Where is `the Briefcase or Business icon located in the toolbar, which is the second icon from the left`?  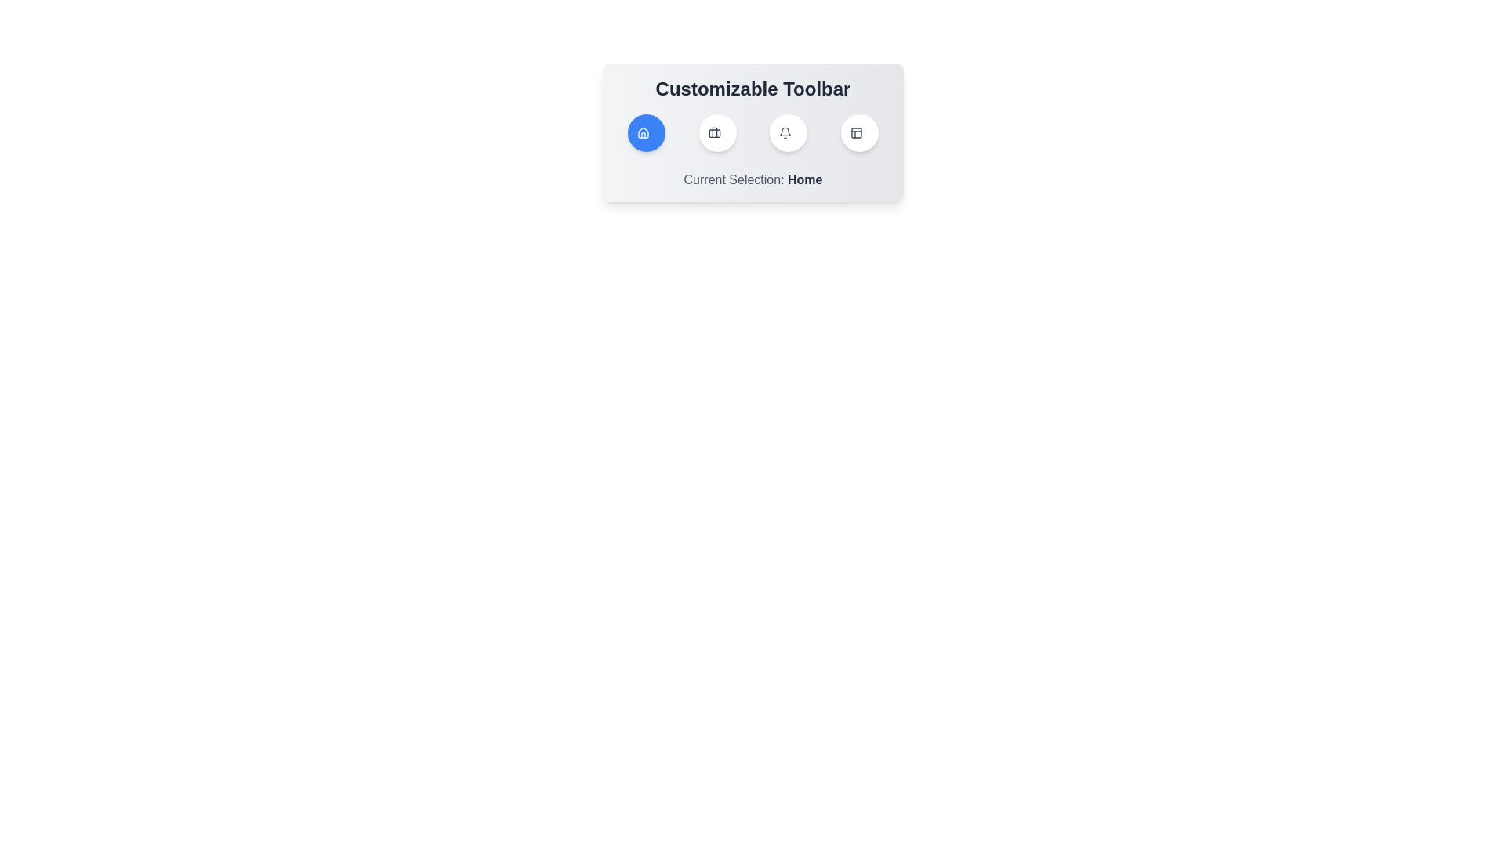 the Briefcase or Business icon located in the toolbar, which is the second icon from the left is located at coordinates (713, 132).